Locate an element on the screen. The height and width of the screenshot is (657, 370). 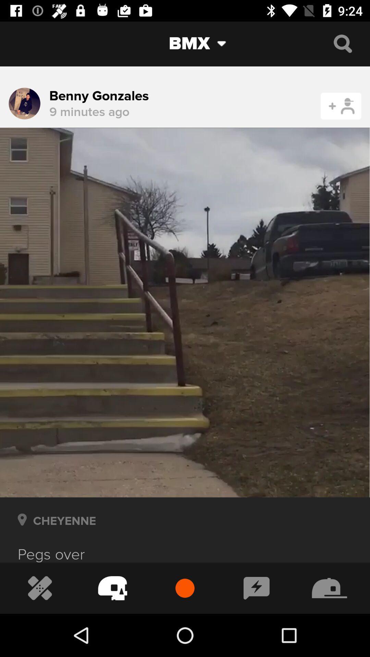
the expand_more icon is located at coordinates (227, 43).